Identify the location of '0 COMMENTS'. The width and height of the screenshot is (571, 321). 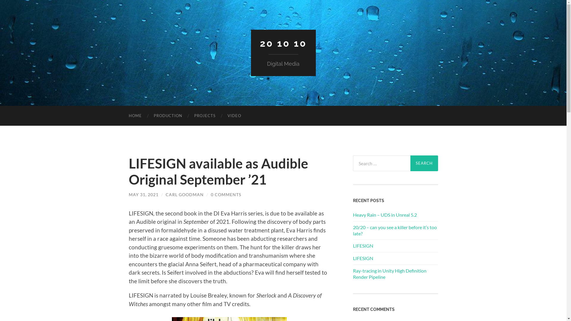
(225, 194).